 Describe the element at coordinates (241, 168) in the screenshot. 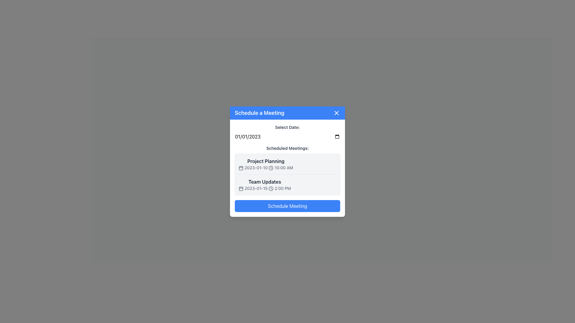

I see `the calendar icon located to the immediate left of the text '2023-01-10 10:00 AM' in the 'Project Planning' scheduled meeting entry` at that location.